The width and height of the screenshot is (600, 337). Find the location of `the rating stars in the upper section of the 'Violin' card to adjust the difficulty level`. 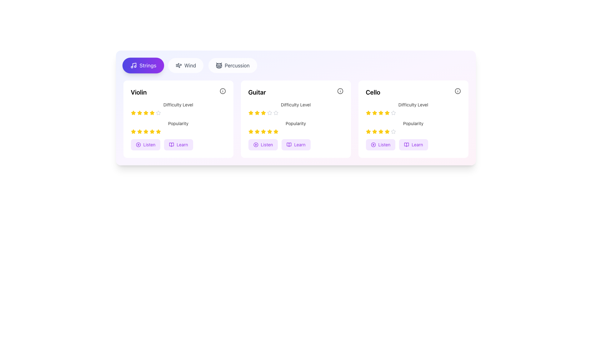

the rating stars in the upper section of the 'Violin' card to adjust the difficulty level is located at coordinates (178, 108).